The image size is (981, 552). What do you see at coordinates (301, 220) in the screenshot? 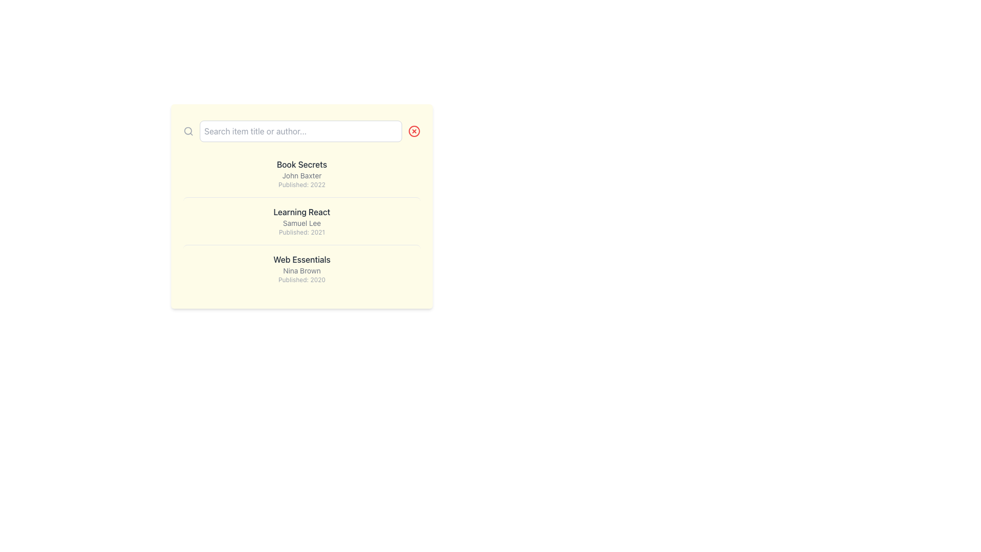
I see `the second list item representing a book, which includes its title, author, and publication date` at bounding box center [301, 220].